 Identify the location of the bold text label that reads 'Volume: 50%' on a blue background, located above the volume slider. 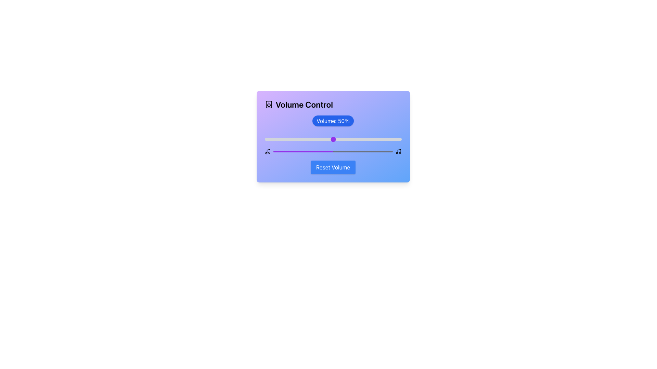
(333, 121).